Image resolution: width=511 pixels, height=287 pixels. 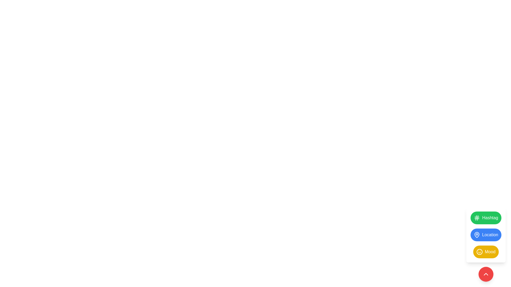 I want to click on the yellow rounded 'Mood' button with a smiley face icon, so click(x=486, y=252).